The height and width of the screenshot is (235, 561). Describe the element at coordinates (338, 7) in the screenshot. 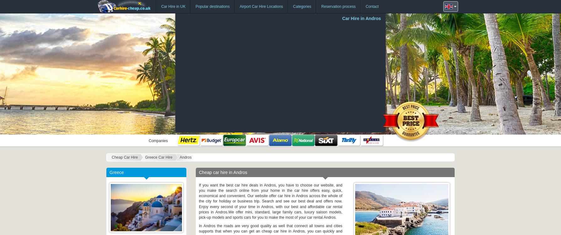

I see `'Reservation process'` at that location.